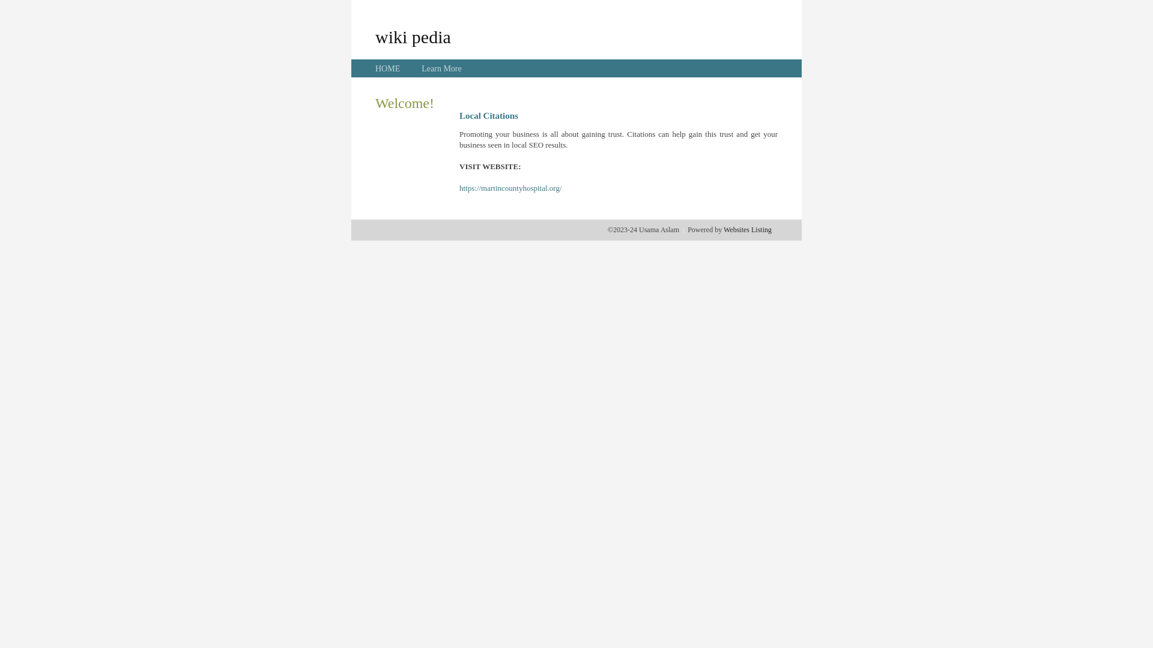 This screenshot has height=648, width=1153. What do you see at coordinates (387, 68) in the screenshot?
I see `'HOME'` at bounding box center [387, 68].